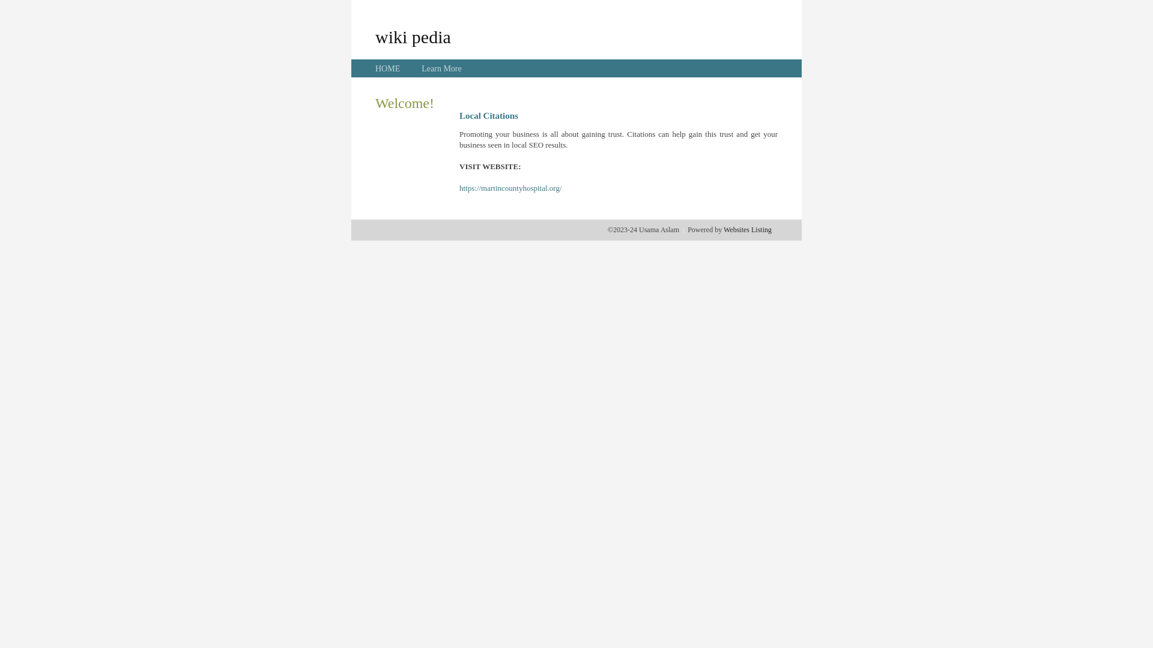 This screenshot has height=648, width=1153. What do you see at coordinates (387, 68) in the screenshot?
I see `'HOME'` at bounding box center [387, 68].